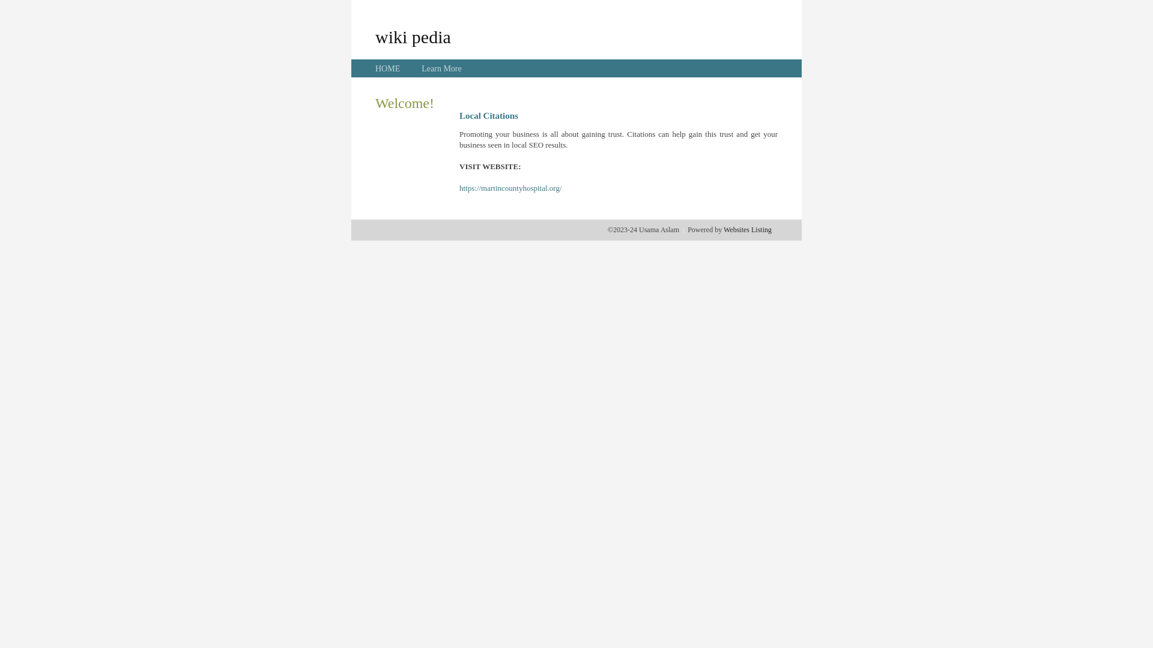 This screenshot has height=648, width=1153. What do you see at coordinates (387, 68) in the screenshot?
I see `'HOME'` at bounding box center [387, 68].